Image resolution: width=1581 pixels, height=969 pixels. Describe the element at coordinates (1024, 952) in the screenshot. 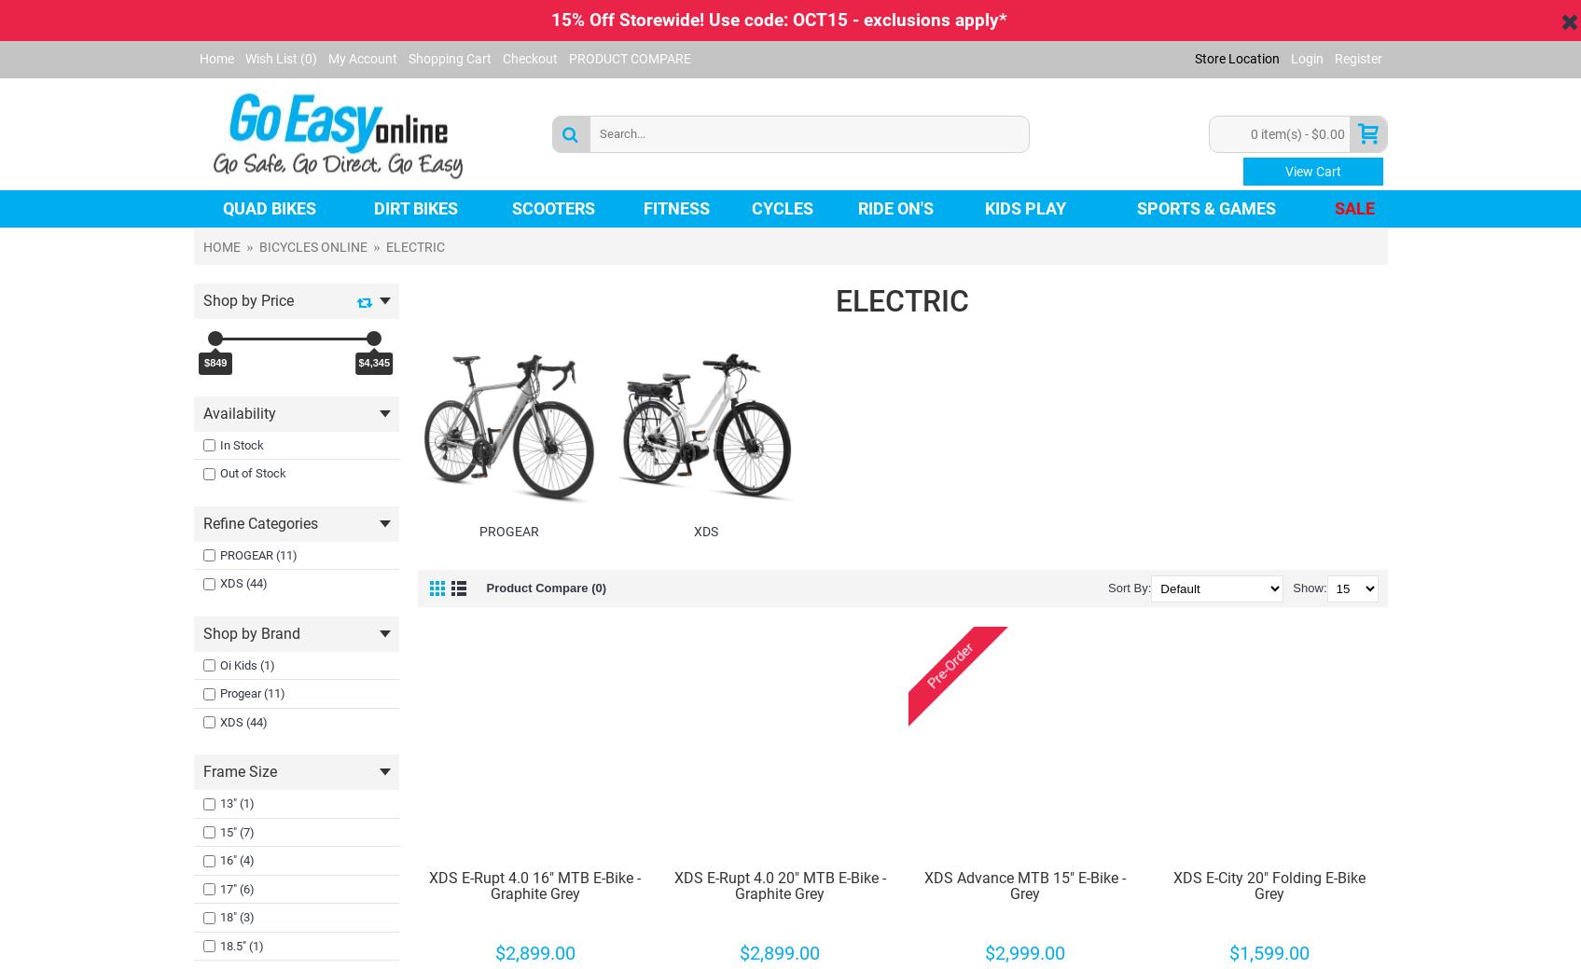

I see `'$2,999.00'` at that location.